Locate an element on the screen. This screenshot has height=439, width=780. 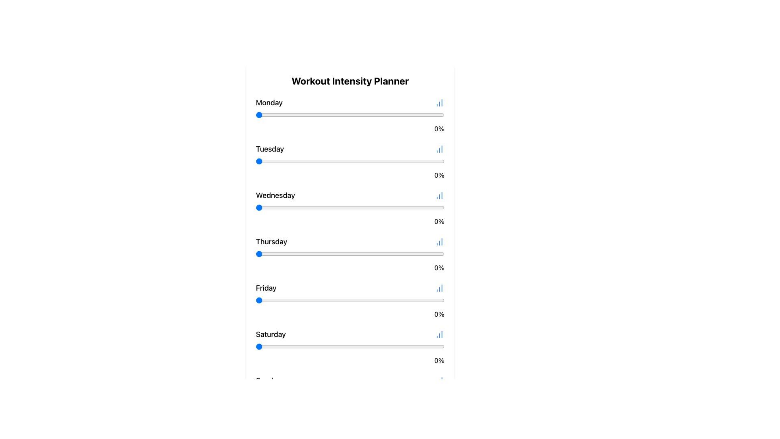
the bar chart icon, which is positioned to the right of the text 'Monday' in the first section of the vertically arranged list is located at coordinates (439, 102).